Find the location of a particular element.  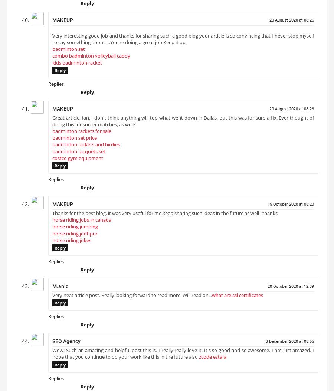

'badminton racquets set' is located at coordinates (79, 154).